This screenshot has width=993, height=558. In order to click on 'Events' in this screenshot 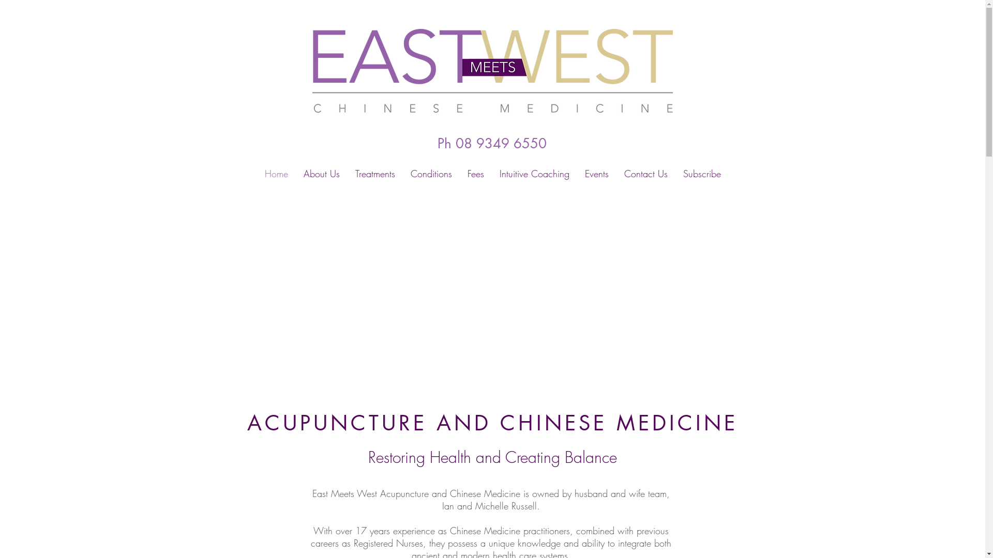, I will do `click(596, 173)`.